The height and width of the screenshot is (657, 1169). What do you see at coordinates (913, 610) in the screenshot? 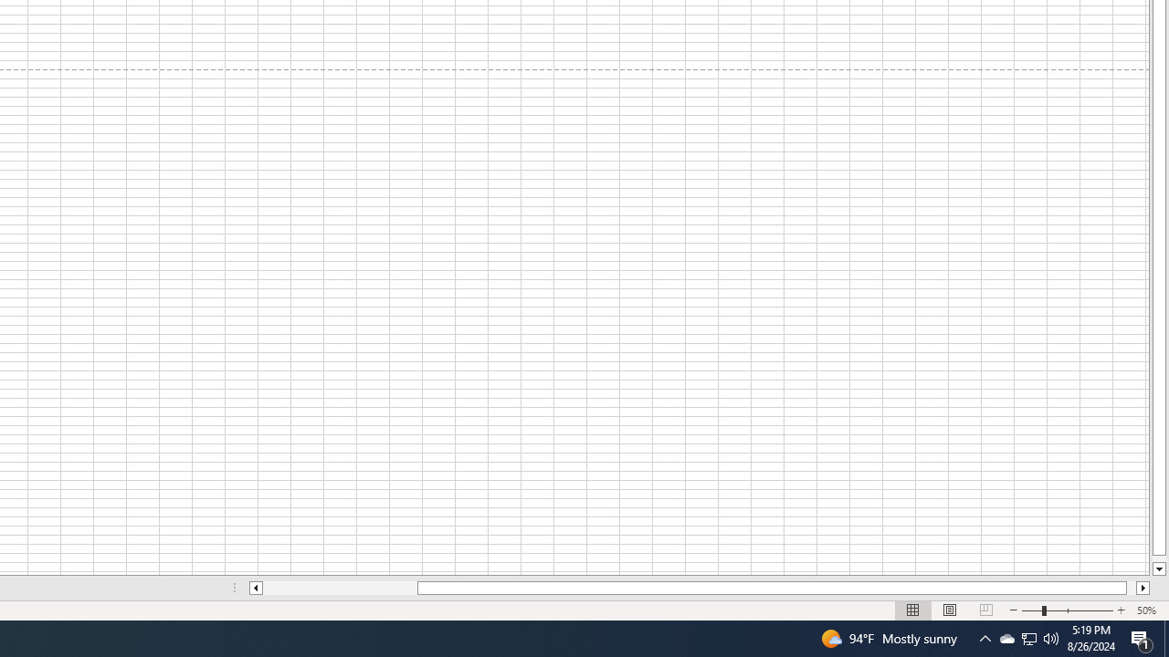
I see `'Normal'` at bounding box center [913, 610].